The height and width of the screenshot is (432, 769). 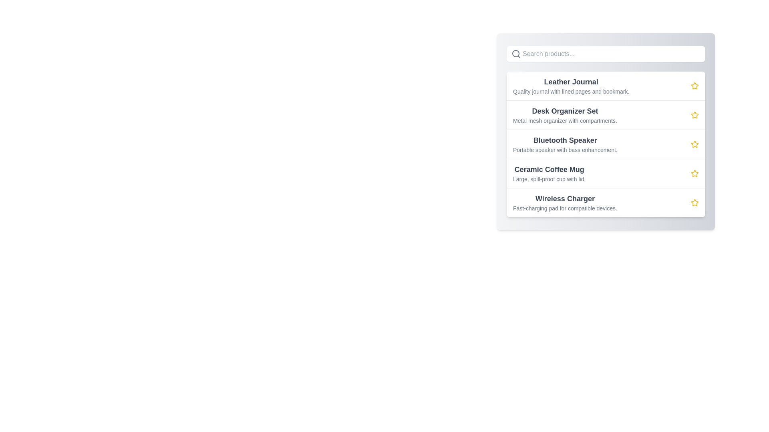 I want to click on the list item displaying the product 'Wireless Charger', so click(x=606, y=202).